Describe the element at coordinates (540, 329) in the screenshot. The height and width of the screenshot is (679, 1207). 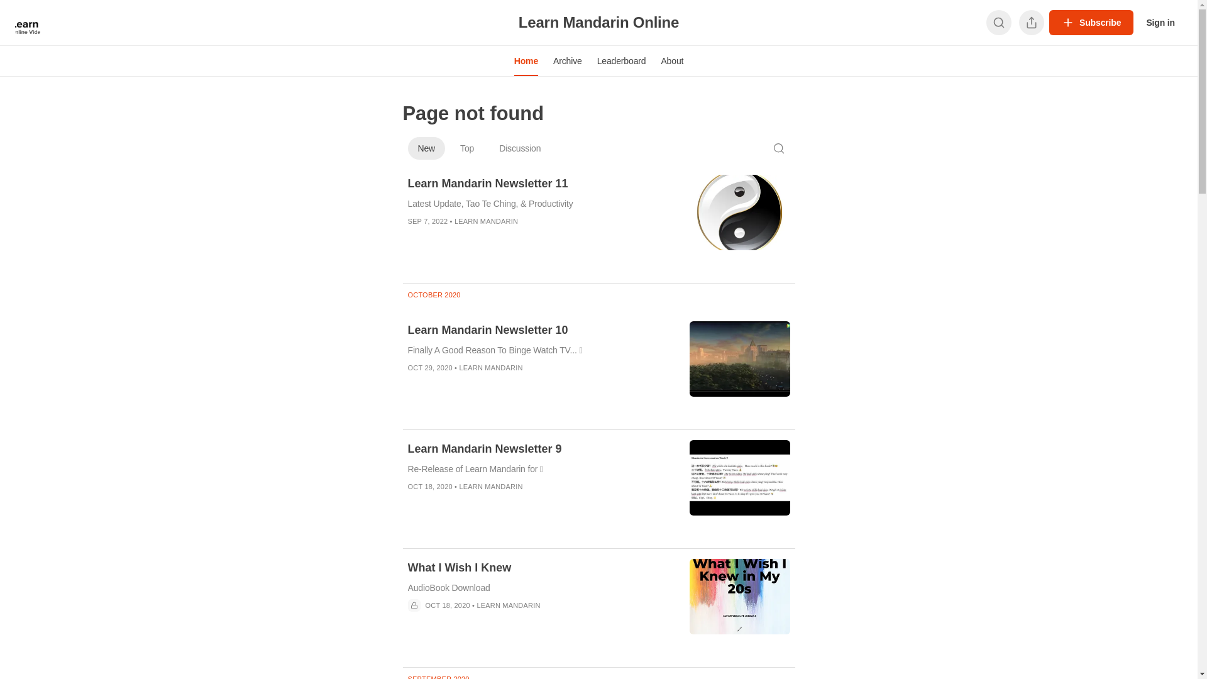
I see `'Learn Mandarin Newsletter 10'` at that location.